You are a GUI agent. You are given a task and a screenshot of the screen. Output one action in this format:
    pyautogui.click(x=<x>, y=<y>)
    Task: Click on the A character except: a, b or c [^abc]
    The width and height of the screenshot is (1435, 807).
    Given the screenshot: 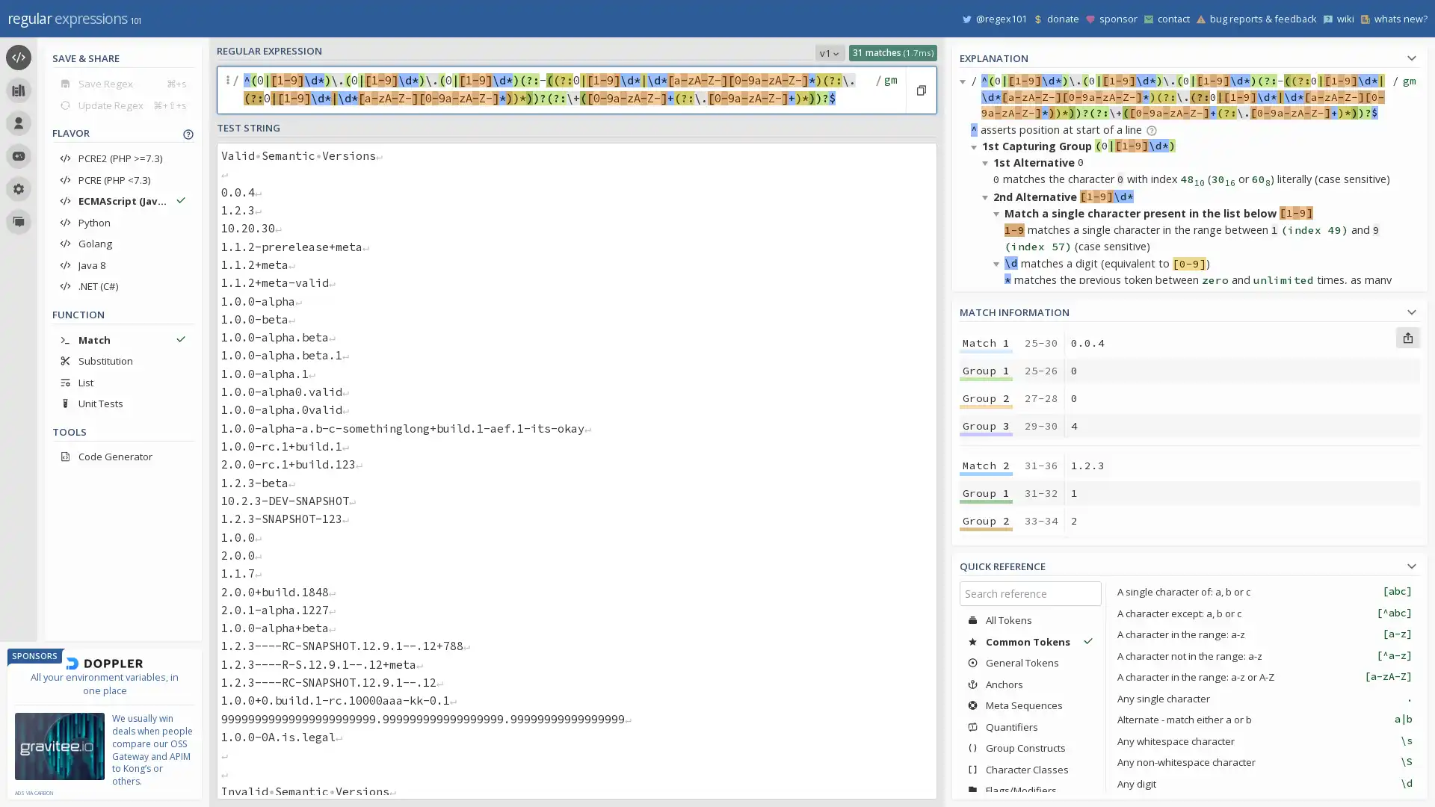 What is the action you would take?
    pyautogui.click(x=1264, y=613)
    